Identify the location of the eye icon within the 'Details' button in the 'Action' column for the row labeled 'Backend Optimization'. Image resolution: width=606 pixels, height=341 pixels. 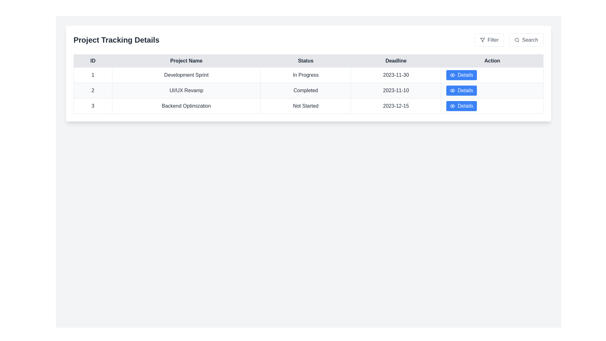
(452, 105).